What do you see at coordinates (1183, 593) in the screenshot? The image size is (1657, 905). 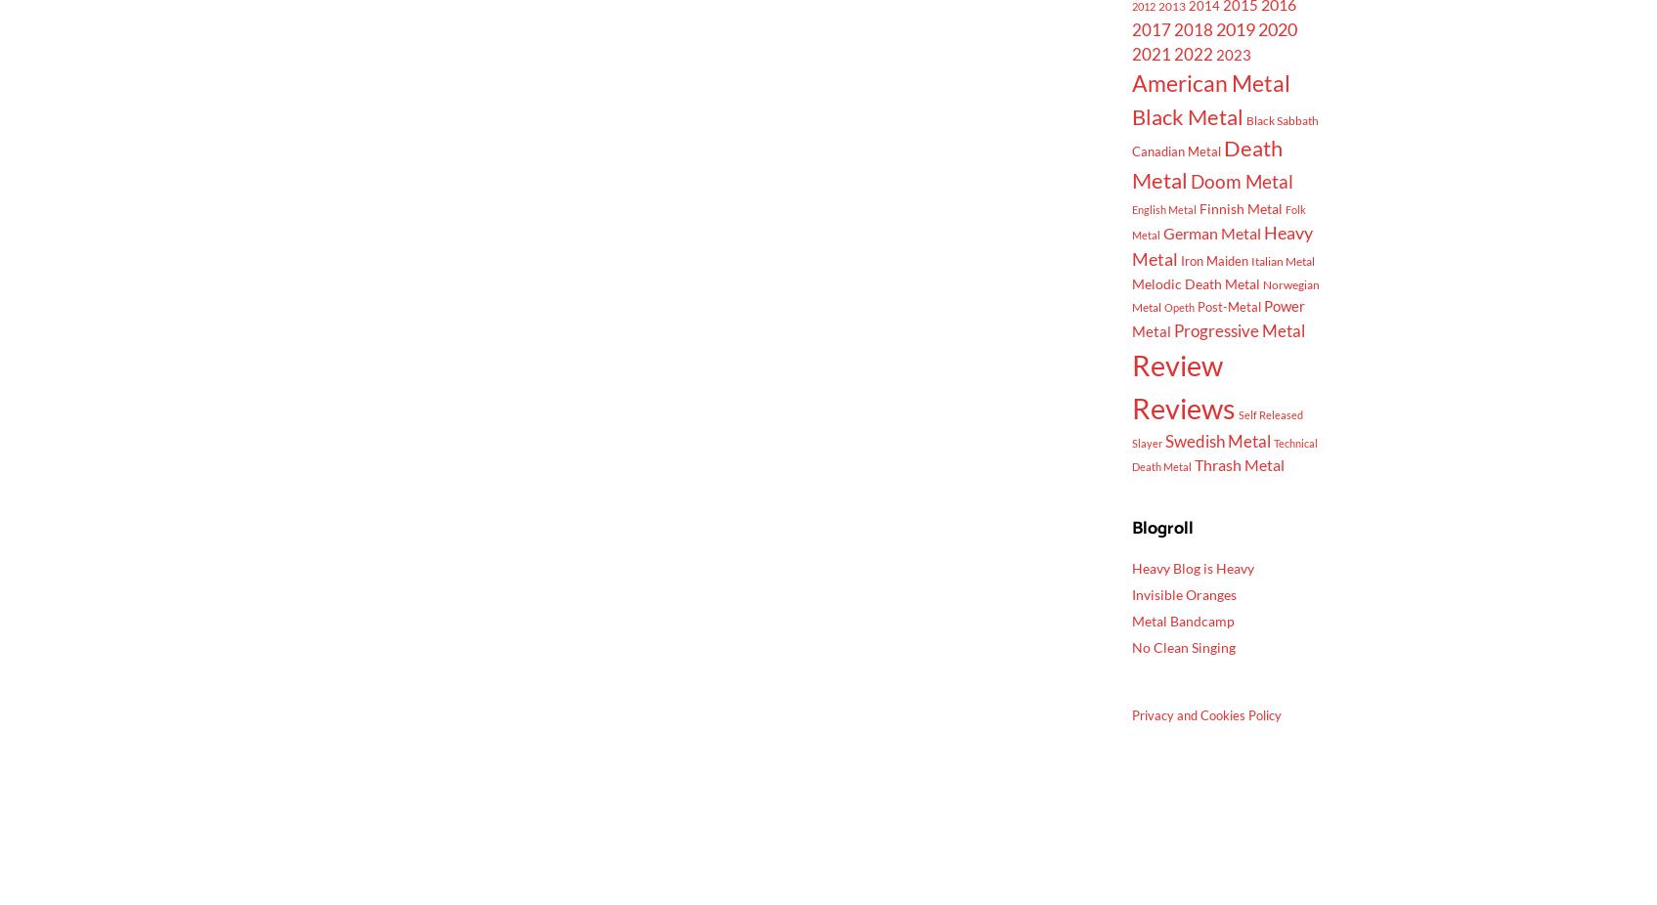 I see `'Invisible Oranges'` at bounding box center [1183, 593].